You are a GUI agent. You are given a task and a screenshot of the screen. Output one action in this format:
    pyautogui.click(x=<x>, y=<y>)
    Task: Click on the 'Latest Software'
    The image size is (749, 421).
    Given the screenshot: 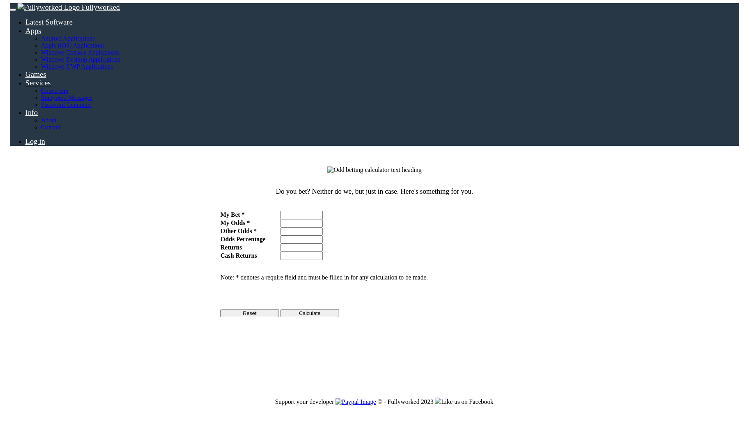 What is the action you would take?
    pyautogui.click(x=48, y=16)
    